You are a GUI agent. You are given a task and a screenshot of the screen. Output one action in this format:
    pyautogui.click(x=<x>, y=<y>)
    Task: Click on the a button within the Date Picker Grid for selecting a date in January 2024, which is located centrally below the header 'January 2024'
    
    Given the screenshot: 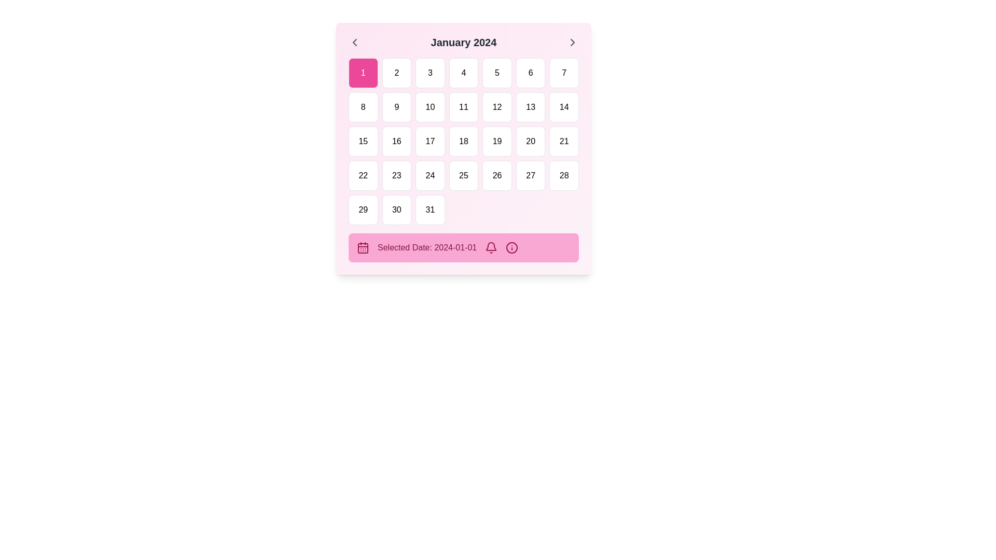 What is the action you would take?
    pyautogui.click(x=463, y=142)
    